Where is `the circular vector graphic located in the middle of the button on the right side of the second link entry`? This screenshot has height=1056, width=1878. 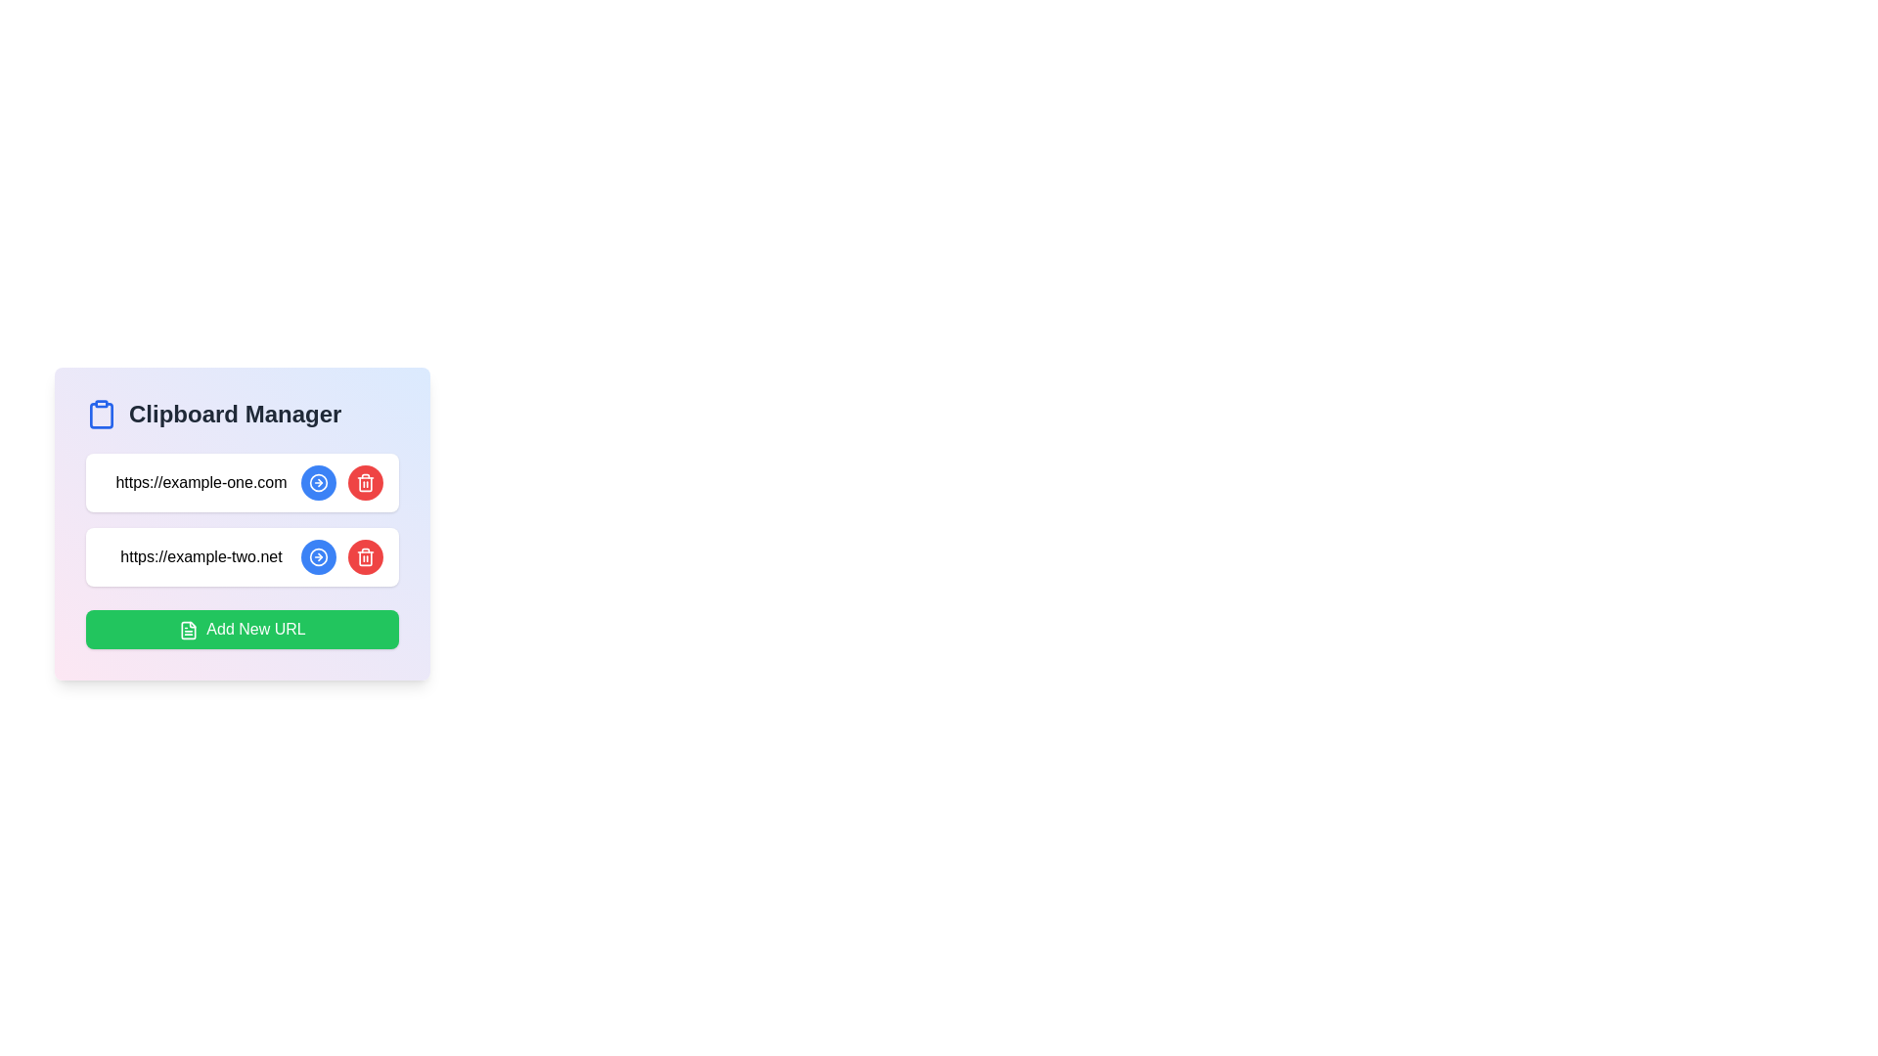
the circular vector graphic located in the middle of the button on the right side of the second link entry is located at coordinates (319, 557).